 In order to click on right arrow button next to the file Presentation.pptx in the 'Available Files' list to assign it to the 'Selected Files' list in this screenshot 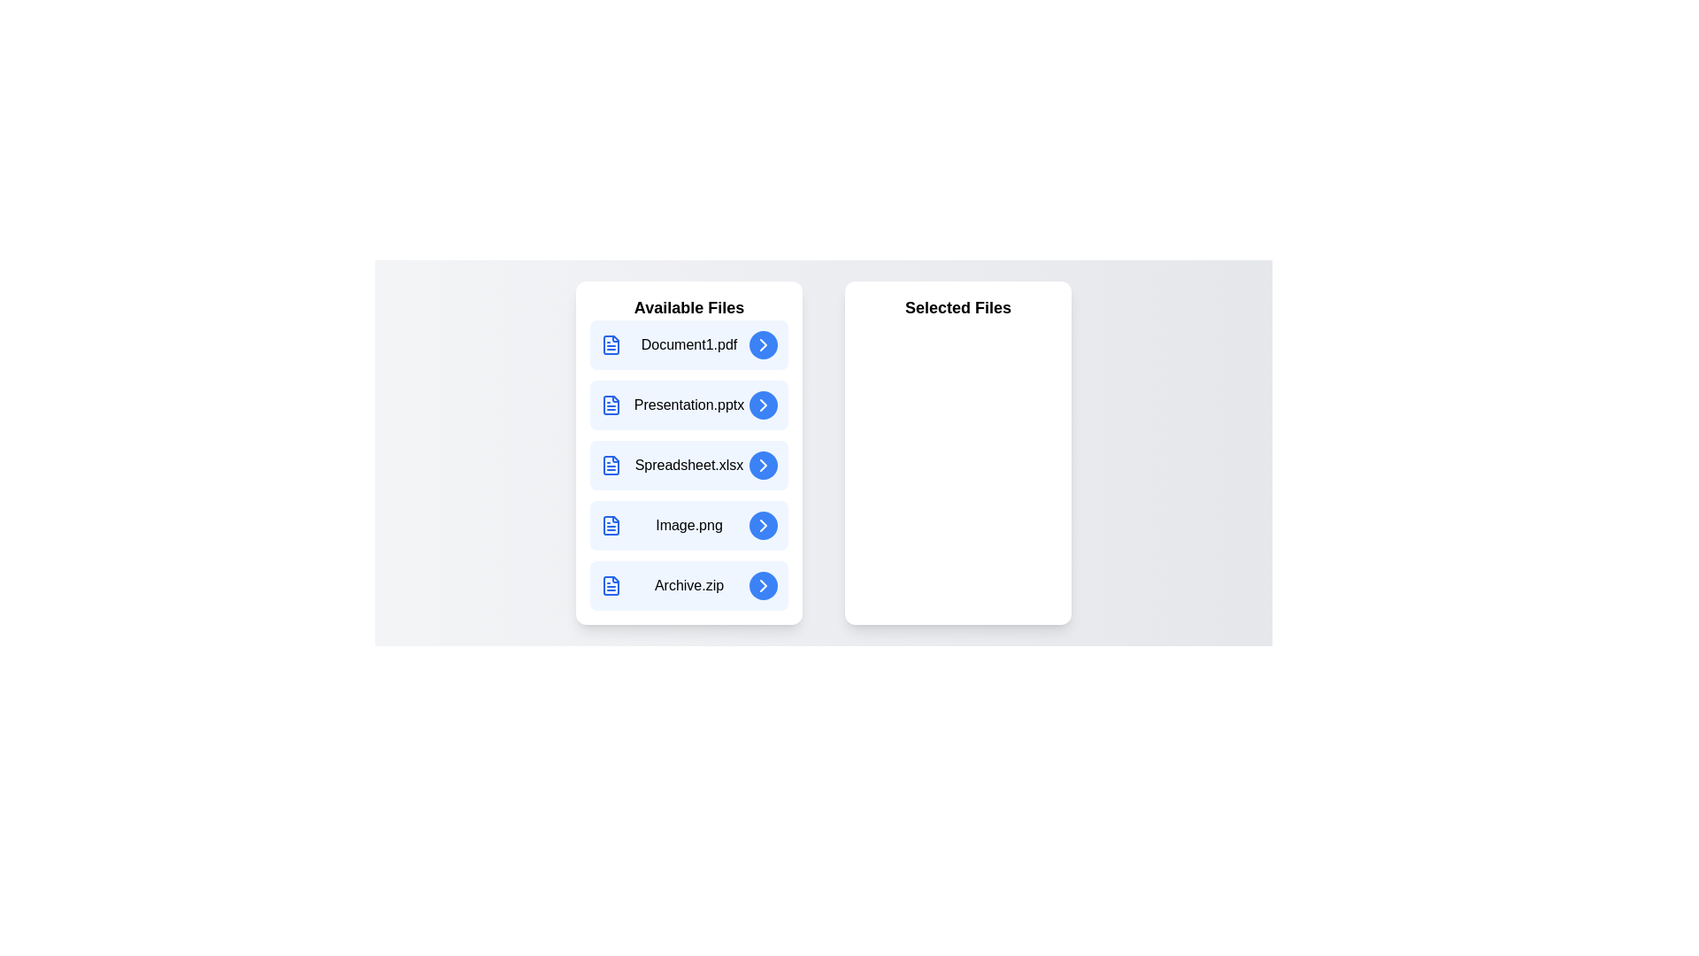, I will do `click(764, 405)`.